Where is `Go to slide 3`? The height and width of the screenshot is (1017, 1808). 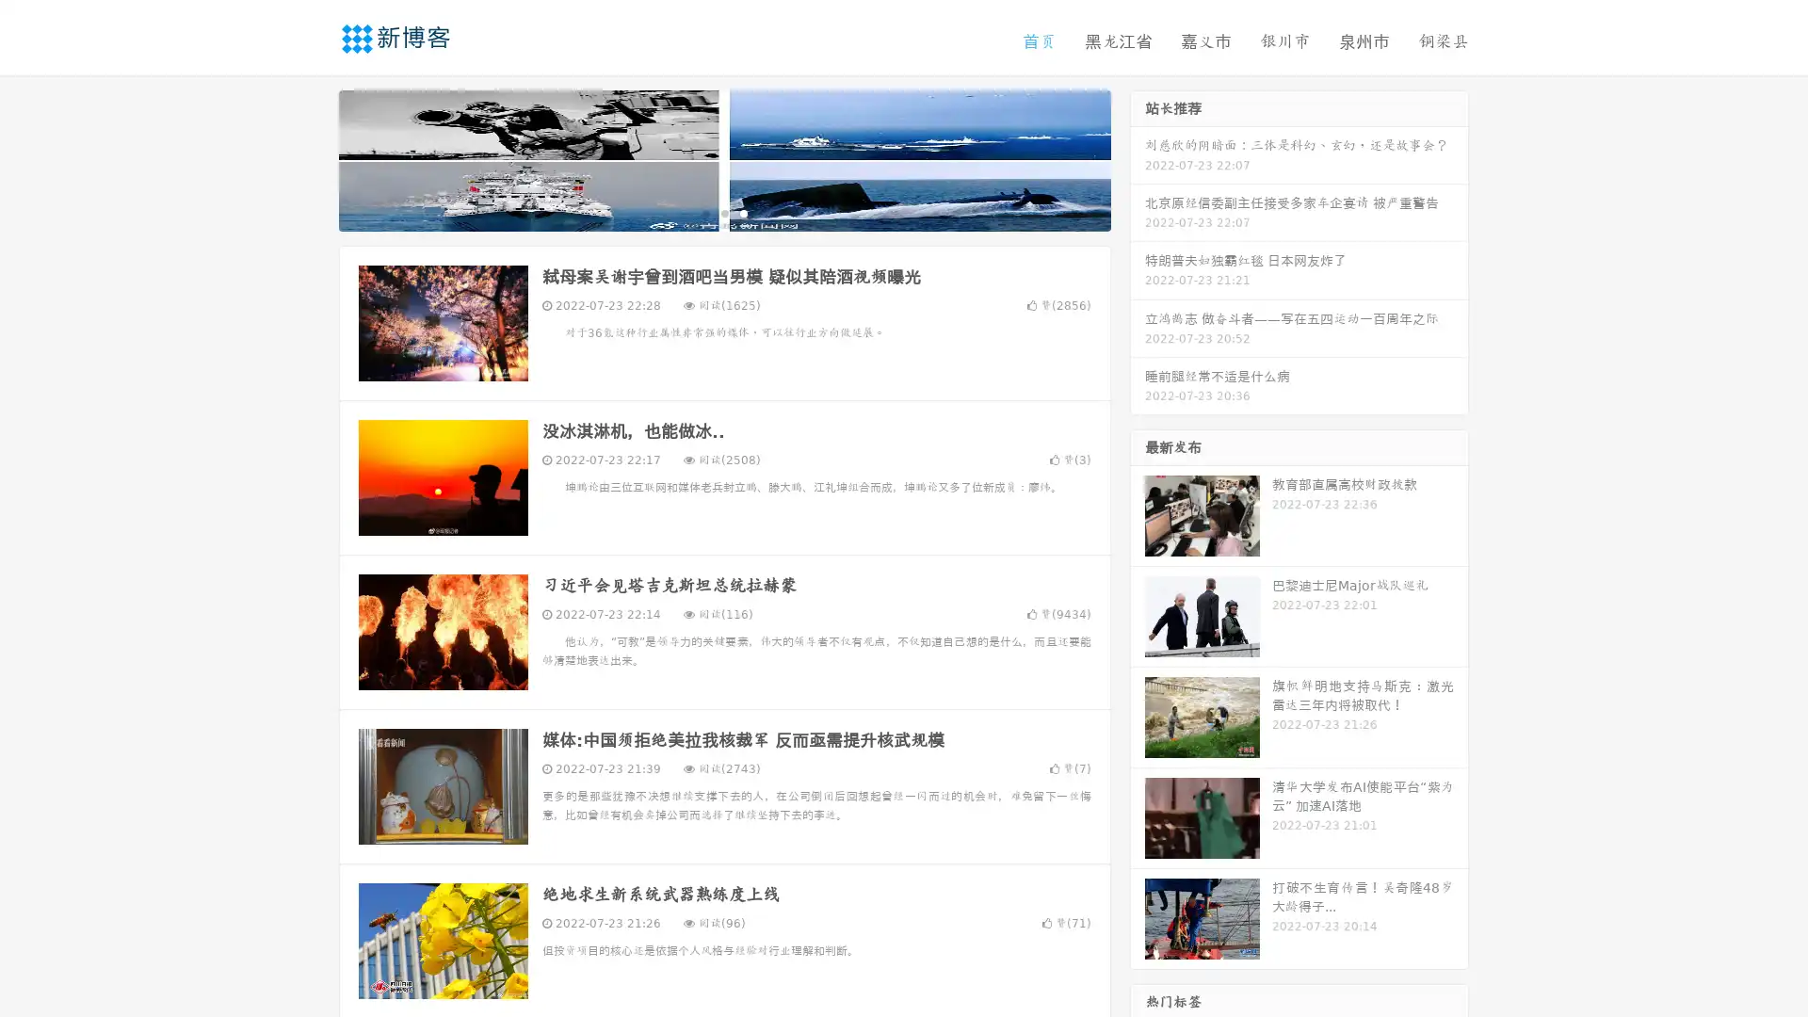 Go to slide 3 is located at coordinates (743, 212).